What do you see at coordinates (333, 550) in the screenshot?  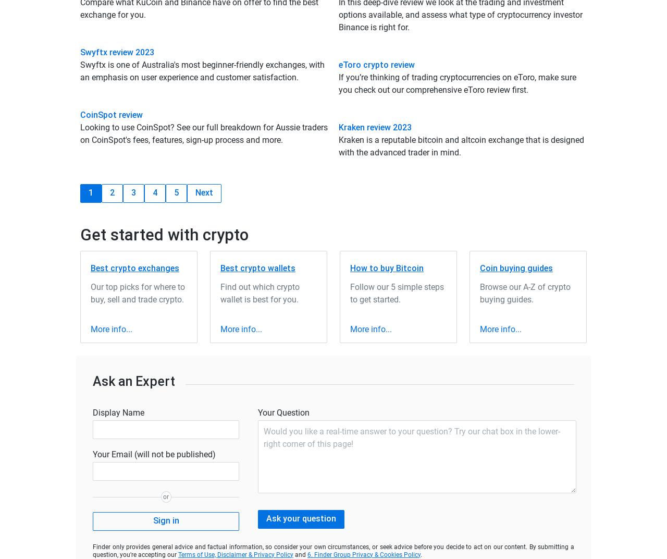 I see `'Finder only provides general advice and factual information, so consider your own circumstances, or seek advice before you decide to act on our content. By submitting a question, you're accepting our'` at bounding box center [333, 550].